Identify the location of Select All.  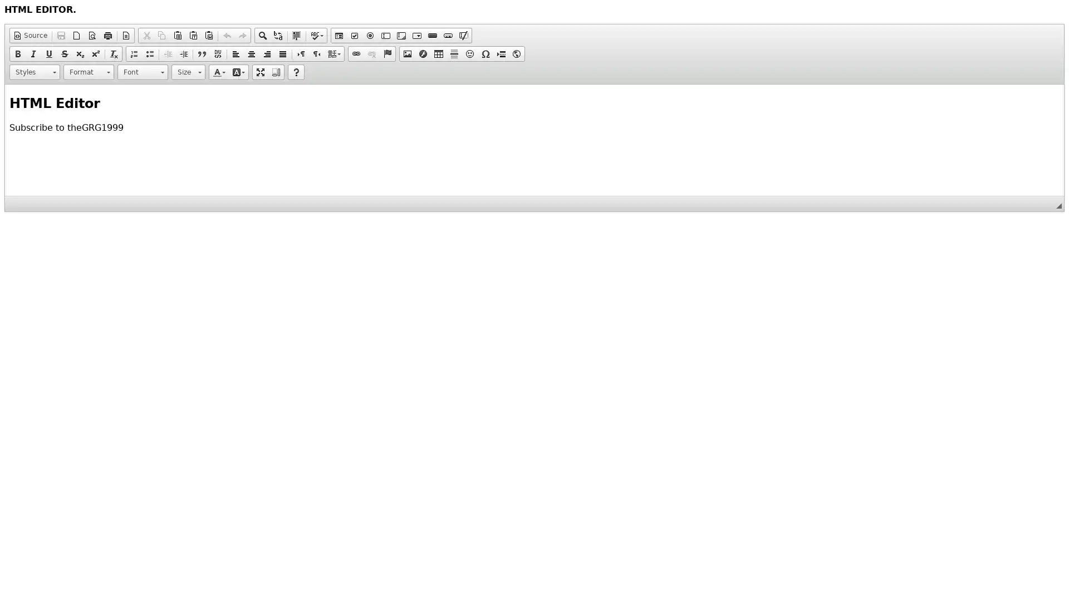
(296, 35).